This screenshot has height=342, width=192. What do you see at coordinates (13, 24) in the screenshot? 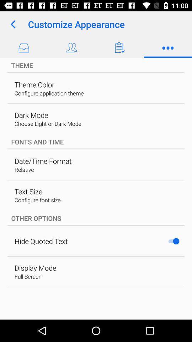
I see `the icon to the left of the customize appearance` at bounding box center [13, 24].